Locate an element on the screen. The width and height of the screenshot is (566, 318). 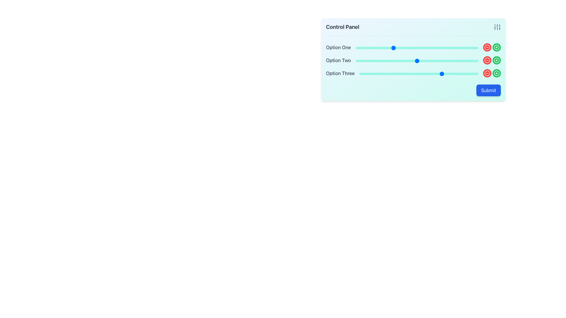
the composite element consisting of two circular buttons, the left red button with a minus sign for decrementing and the right green button with a plus sign for incrementing, located in the third row of the control panel, aligned to the right of the 'Option Three' slider is located at coordinates (492, 73).